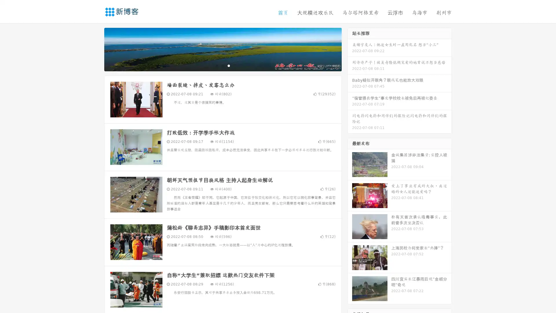  I want to click on Go to slide 1, so click(217, 65).